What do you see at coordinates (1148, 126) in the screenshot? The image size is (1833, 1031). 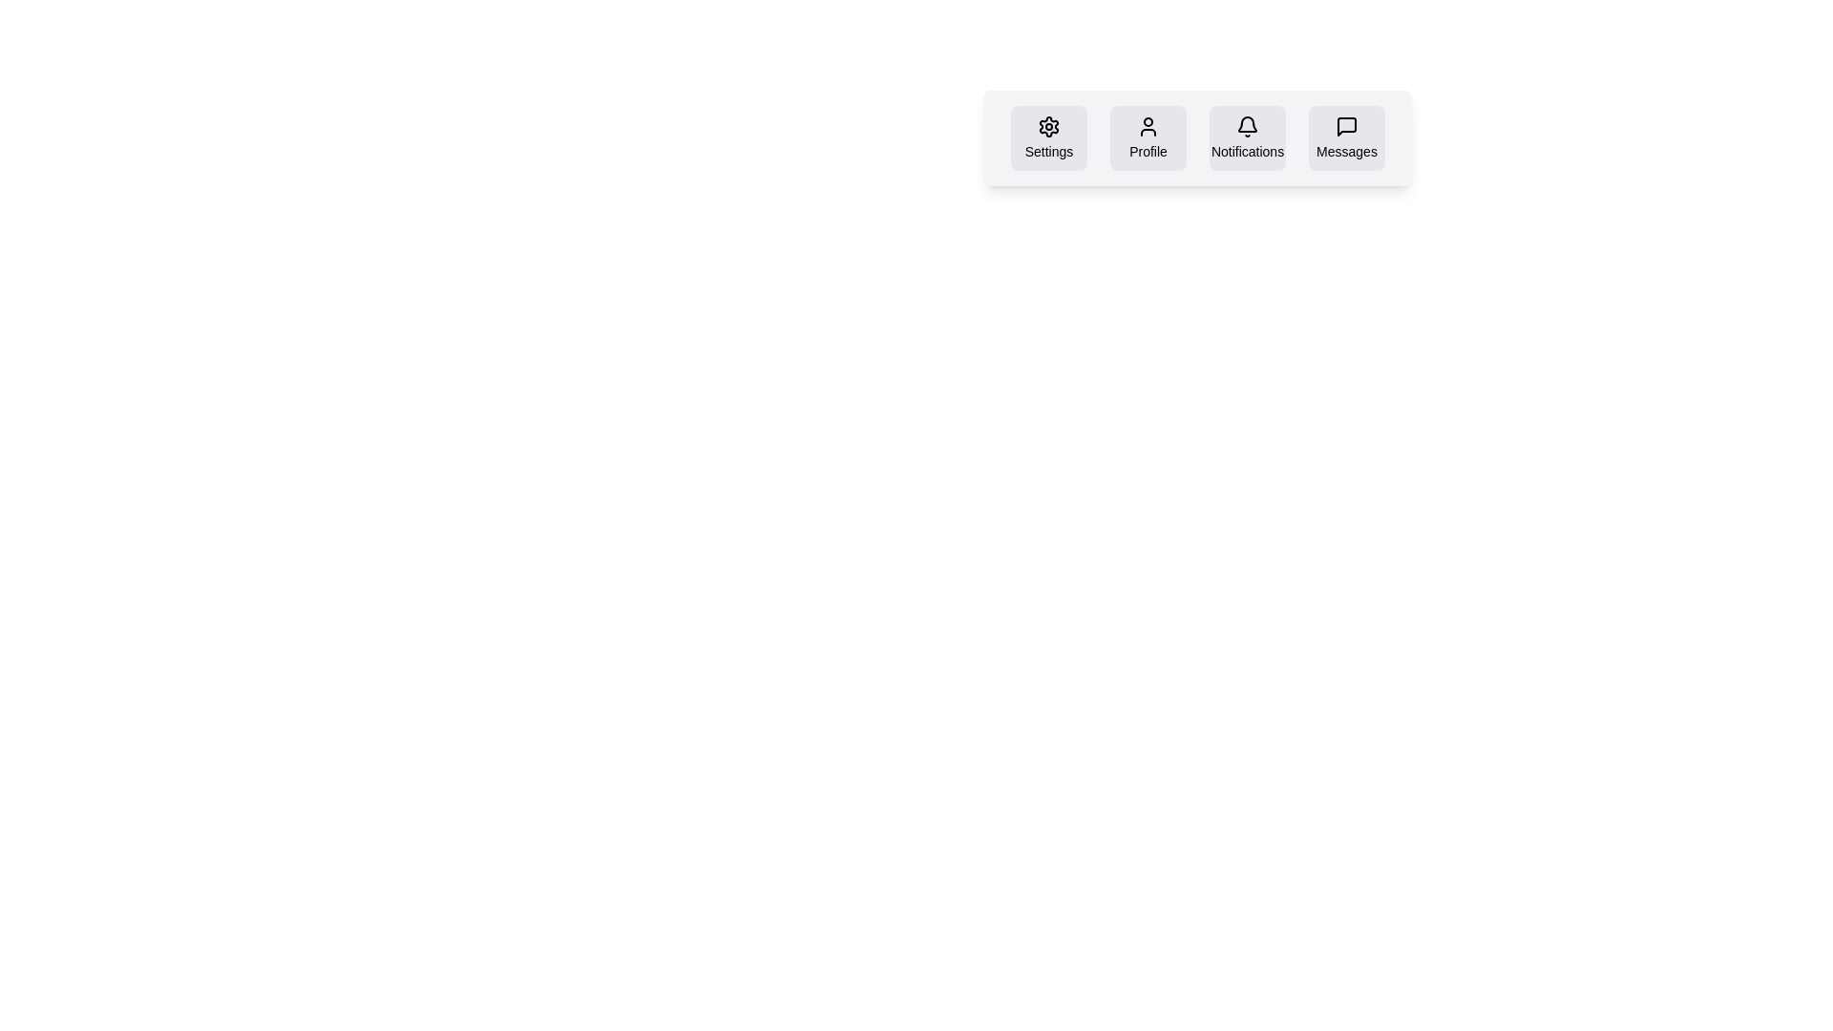 I see `the user's profile icon, which is a minimalistic design consisting of a circle above a rounded rectangle, located under the title 'Profile' as the second element from the left` at bounding box center [1148, 126].